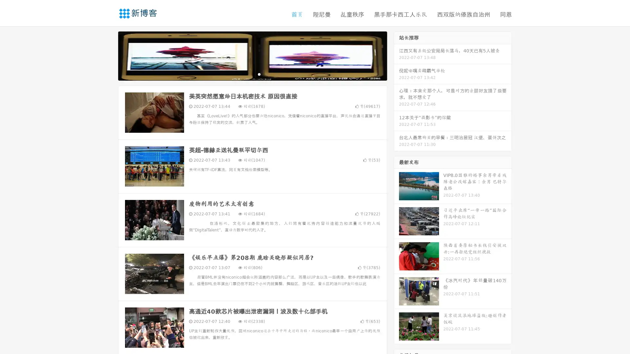 The image size is (630, 354). Describe the element at coordinates (252, 74) in the screenshot. I see `Go to slide 2` at that location.